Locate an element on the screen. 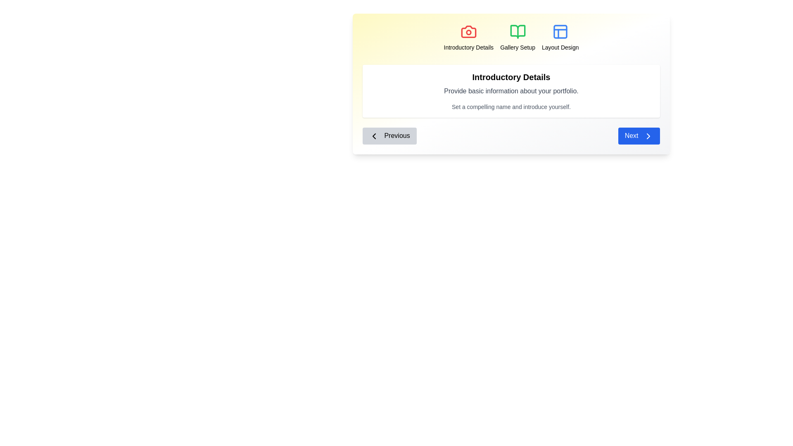 The width and height of the screenshot is (793, 446). the blue rectangular SVG element representing the 'Layout Design' icon located in the top-right panel of the interface is located at coordinates (560, 31).